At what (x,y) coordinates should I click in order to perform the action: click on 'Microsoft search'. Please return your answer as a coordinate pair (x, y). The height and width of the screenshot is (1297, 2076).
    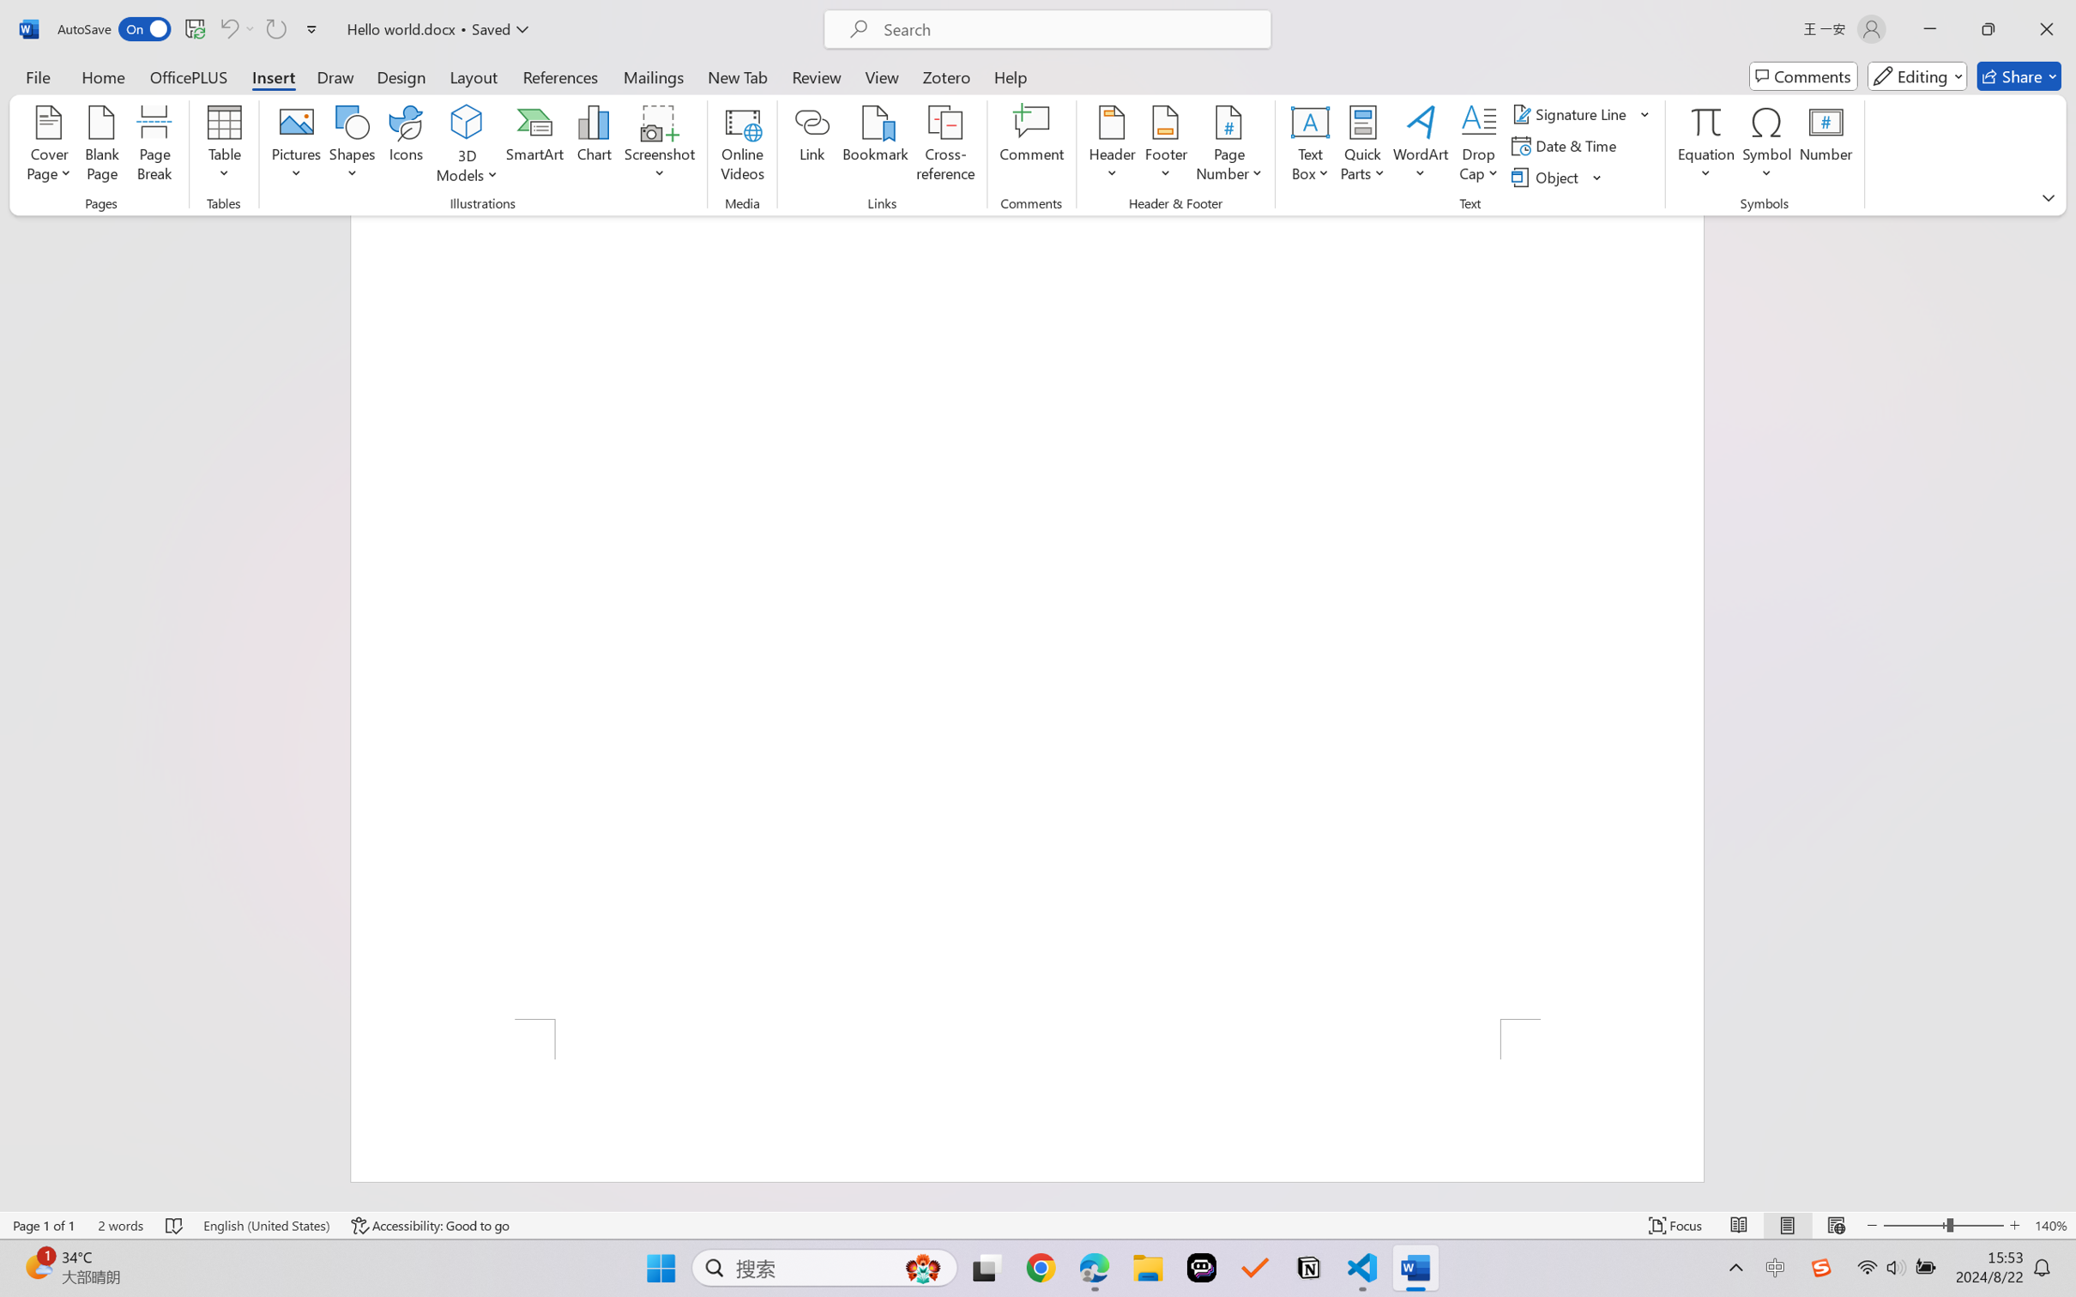
    Looking at the image, I should click on (1069, 28).